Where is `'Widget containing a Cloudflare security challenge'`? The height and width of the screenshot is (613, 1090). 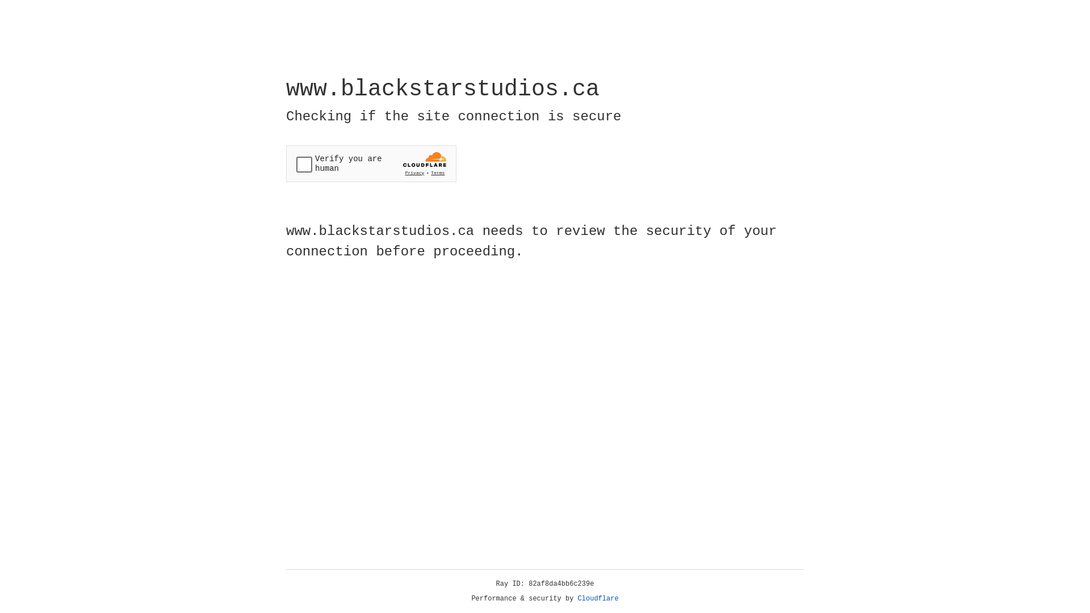 'Widget containing a Cloudflare security challenge' is located at coordinates (371, 163).